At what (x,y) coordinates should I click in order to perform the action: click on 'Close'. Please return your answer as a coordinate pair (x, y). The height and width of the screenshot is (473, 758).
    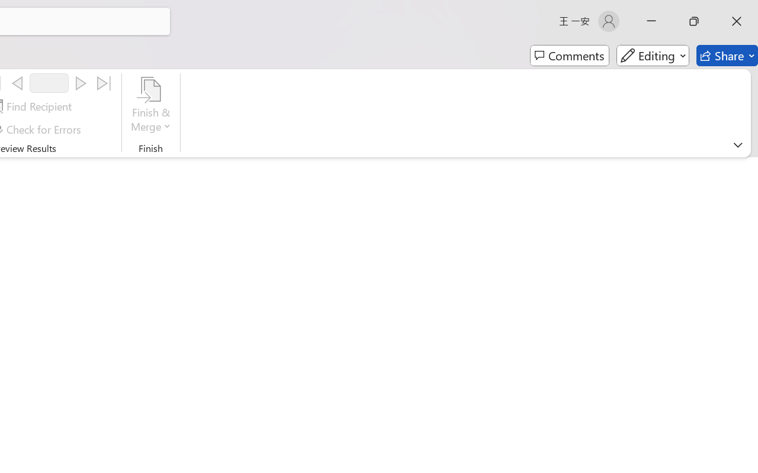
    Looking at the image, I should click on (736, 21).